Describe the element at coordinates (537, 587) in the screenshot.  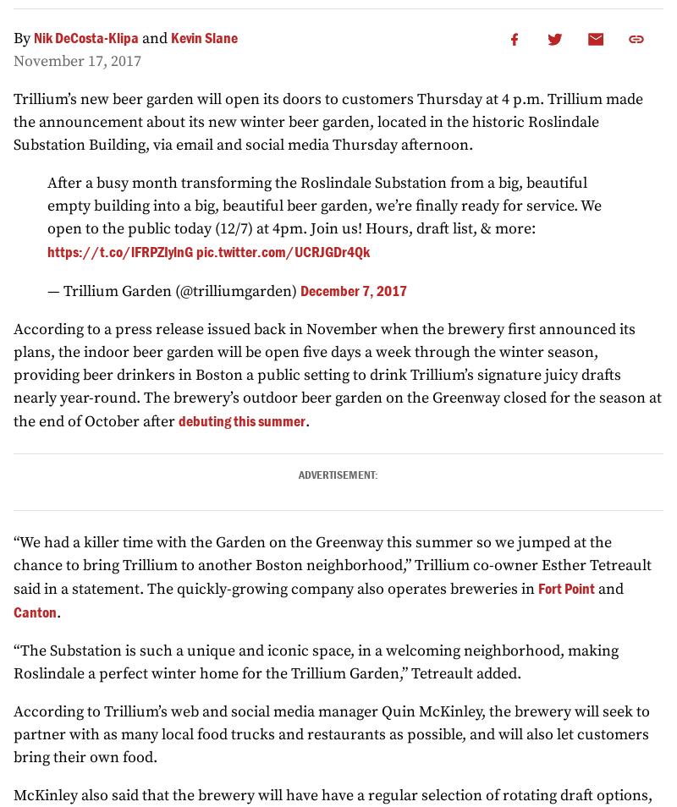
I see `'Fort Point'` at that location.